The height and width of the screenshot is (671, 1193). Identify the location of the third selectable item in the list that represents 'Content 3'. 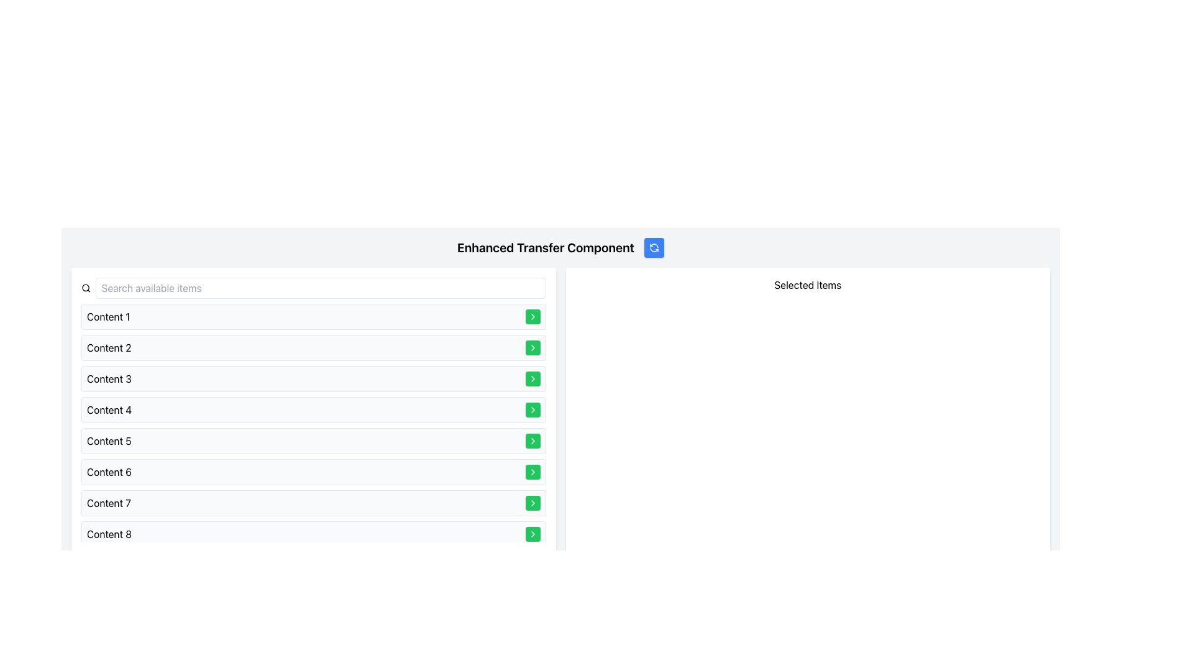
(313, 378).